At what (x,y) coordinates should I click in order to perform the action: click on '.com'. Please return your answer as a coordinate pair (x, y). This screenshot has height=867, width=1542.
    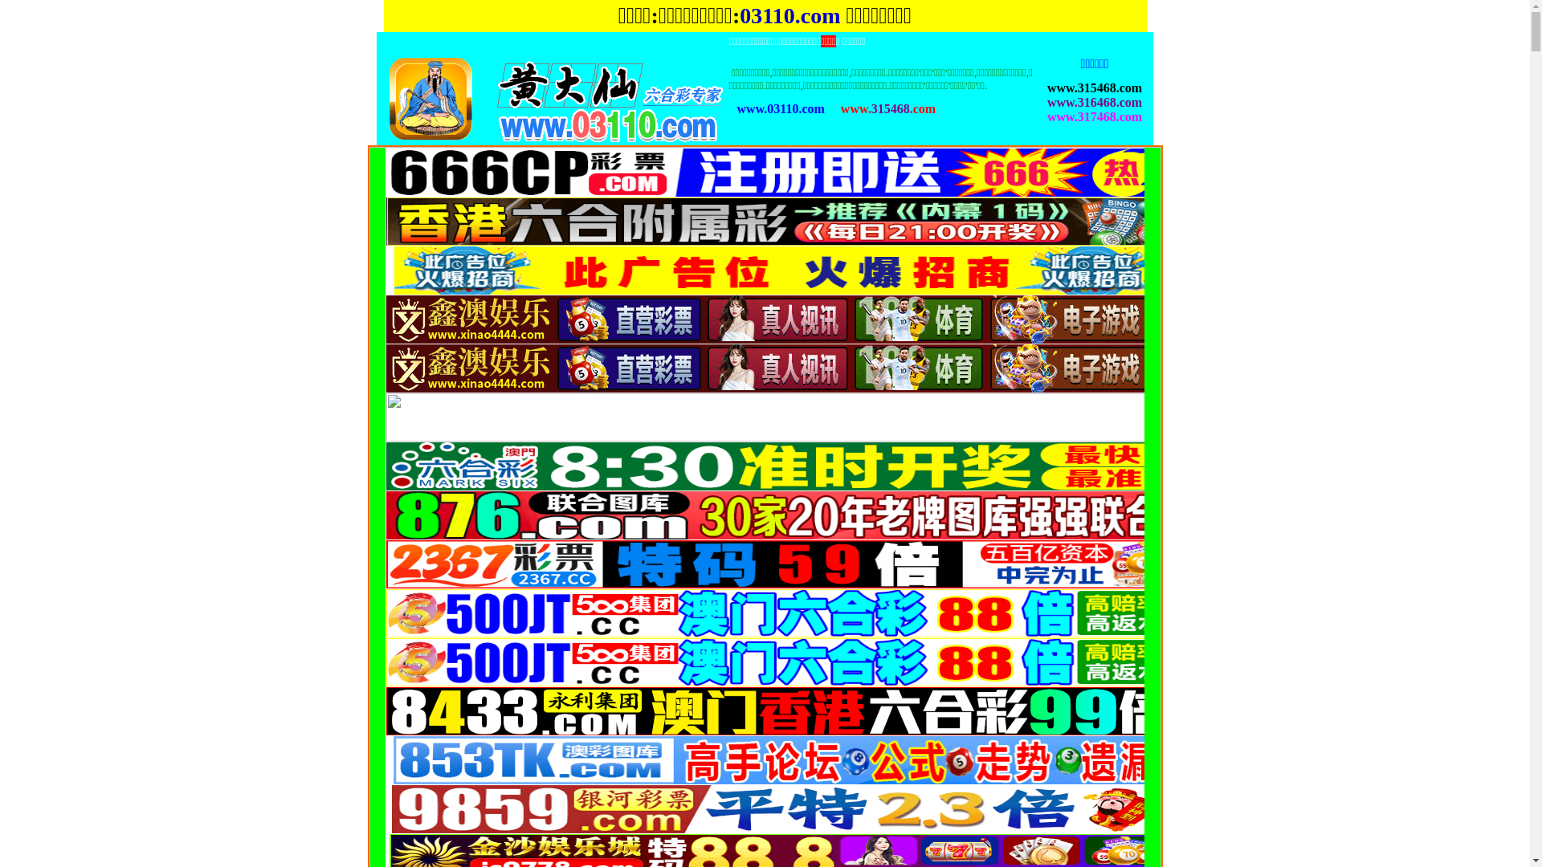
    Looking at the image, I should click on (818, 15).